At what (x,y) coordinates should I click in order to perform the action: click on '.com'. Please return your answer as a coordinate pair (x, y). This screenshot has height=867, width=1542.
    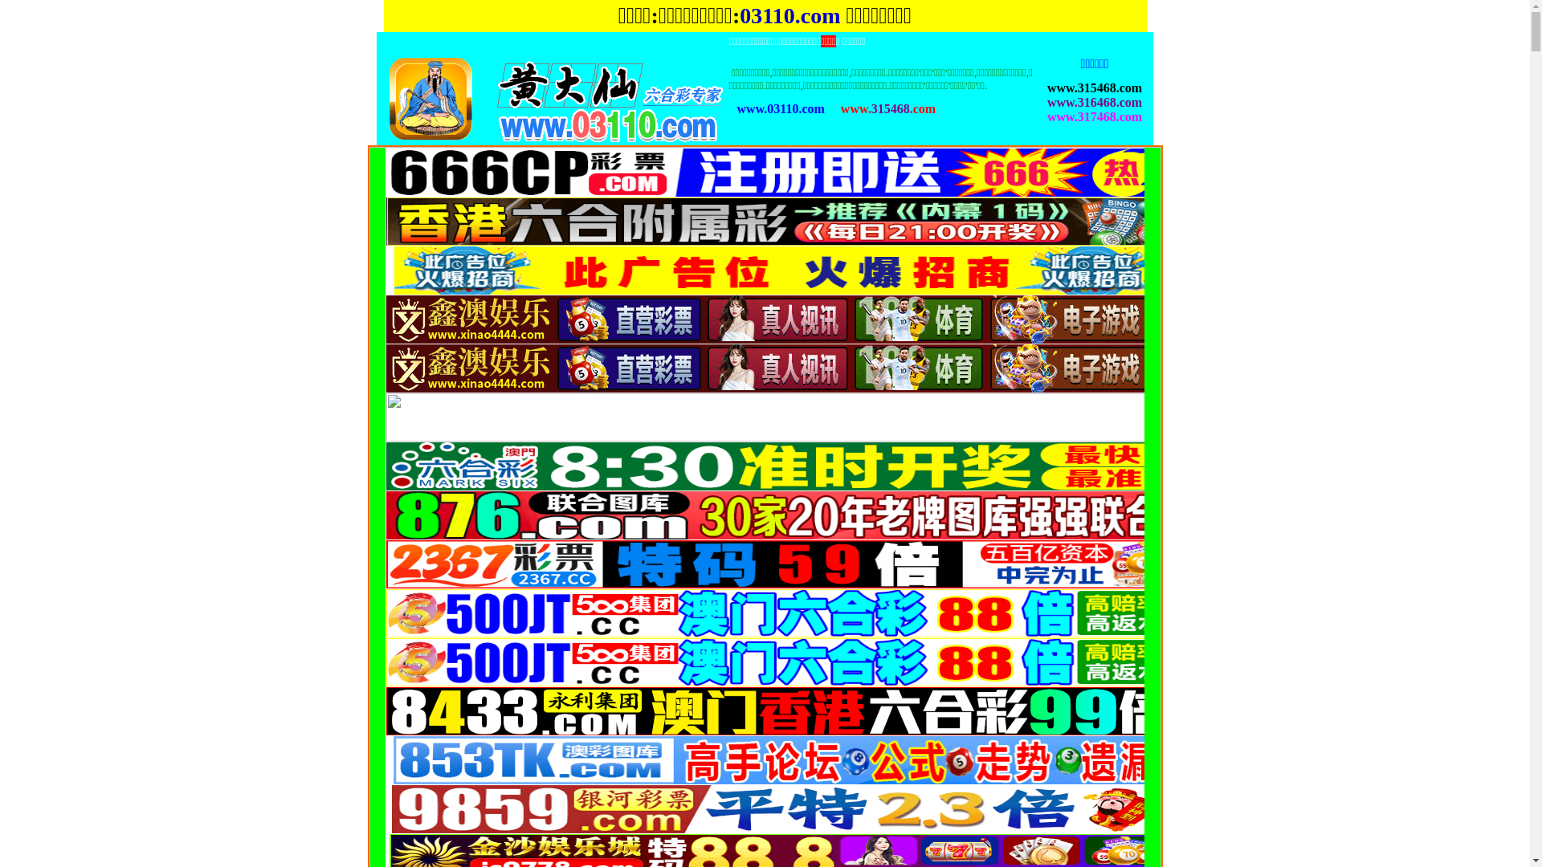
    Looking at the image, I should click on (818, 15).